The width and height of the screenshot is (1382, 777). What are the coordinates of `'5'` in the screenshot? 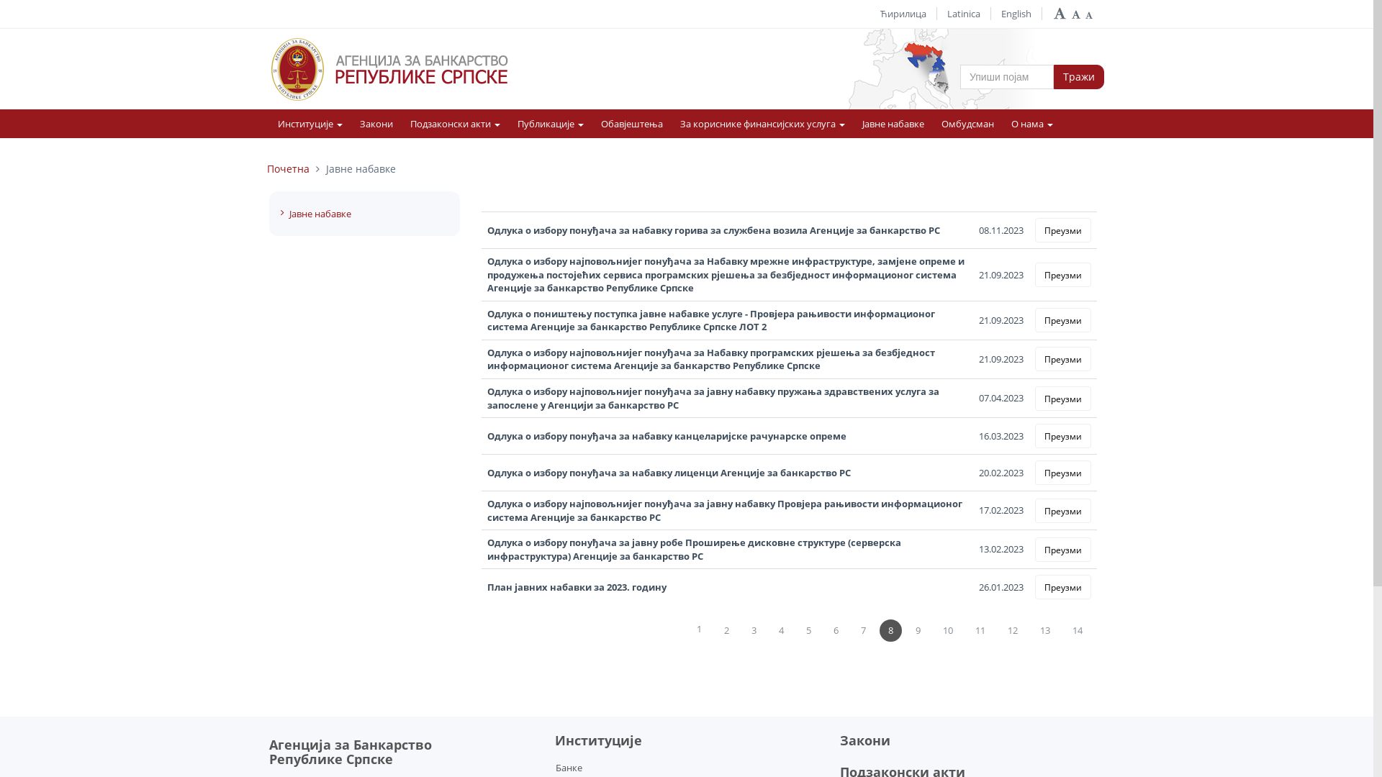 It's located at (808, 630).